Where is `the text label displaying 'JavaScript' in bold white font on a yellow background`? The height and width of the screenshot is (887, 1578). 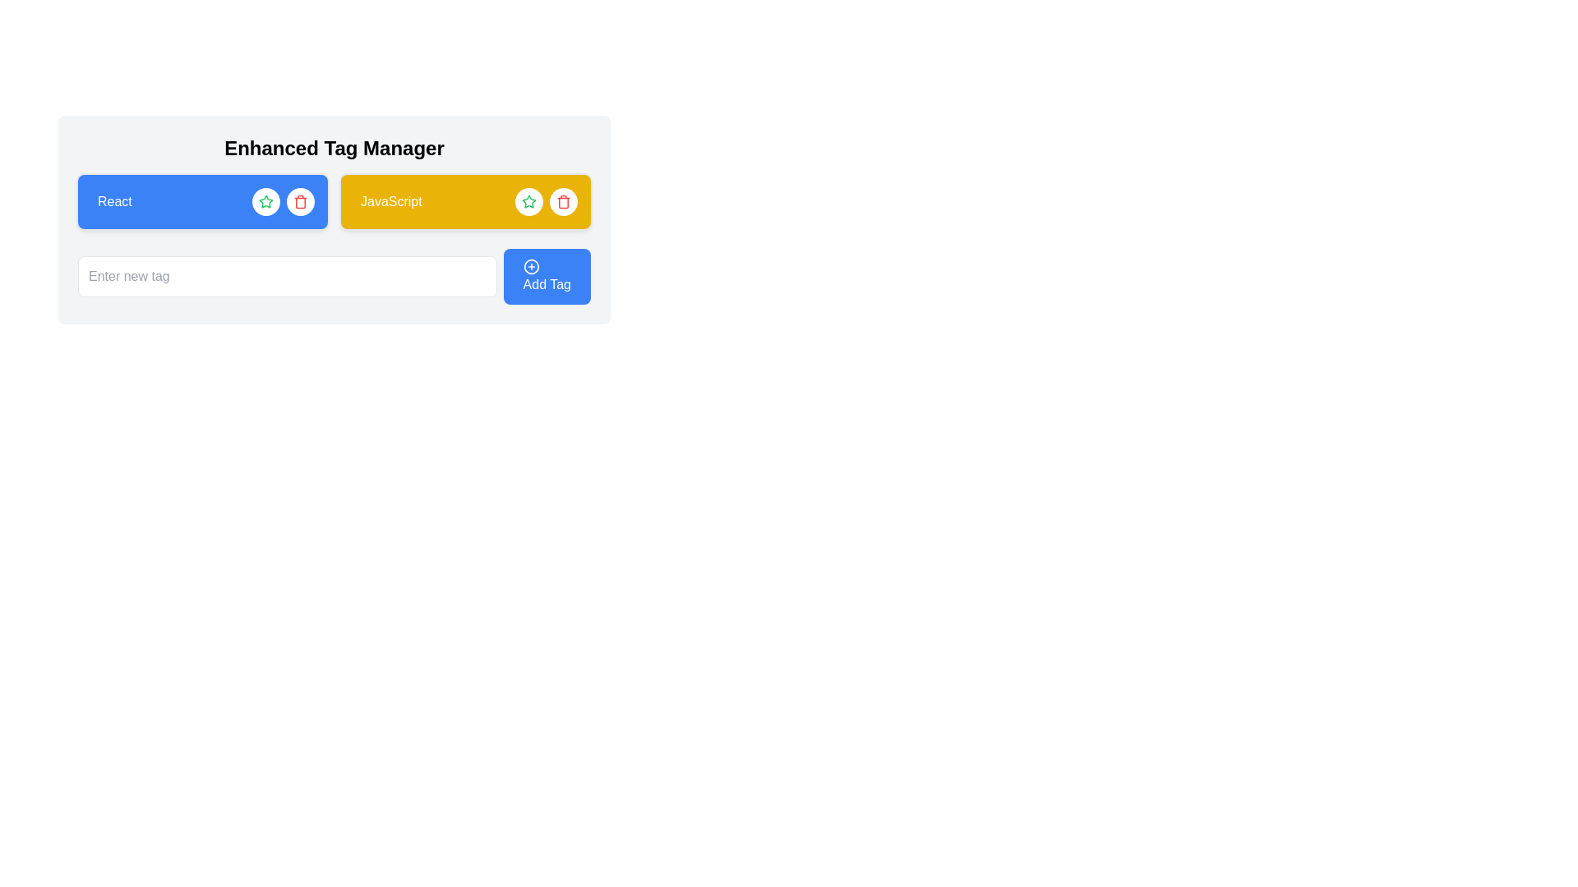
the text label displaying 'JavaScript' in bold white font on a yellow background is located at coordinates (390, 201).